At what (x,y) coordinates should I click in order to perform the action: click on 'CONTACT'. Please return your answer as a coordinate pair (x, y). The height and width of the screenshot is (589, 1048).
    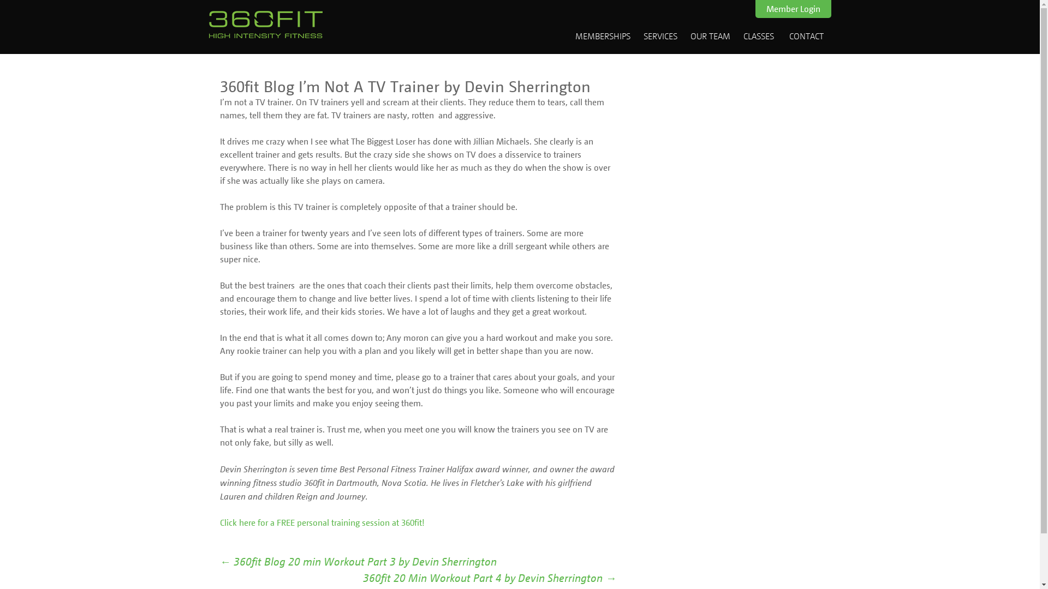
    Looking at the image, I should click on (783, 35).